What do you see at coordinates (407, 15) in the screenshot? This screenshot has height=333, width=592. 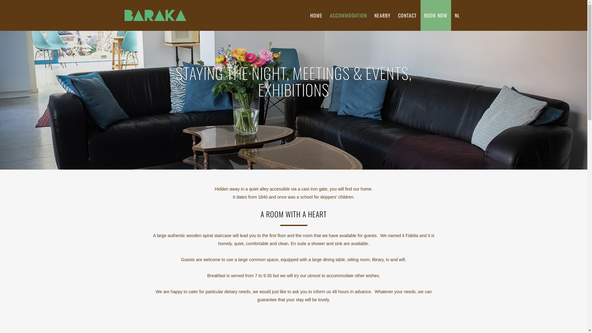 I see `'CONTACT'` at bounding box center [407, 15].